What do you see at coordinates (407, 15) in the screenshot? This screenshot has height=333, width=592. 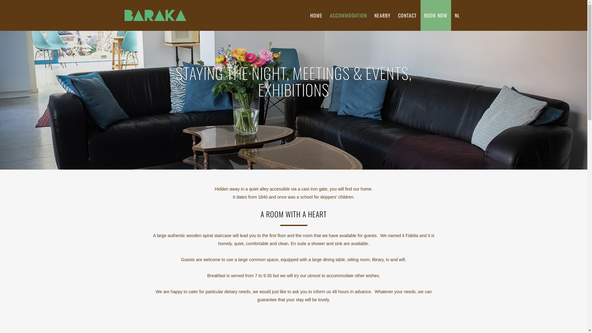 I see `'CONTACT'` at bounding box center [407, 15].